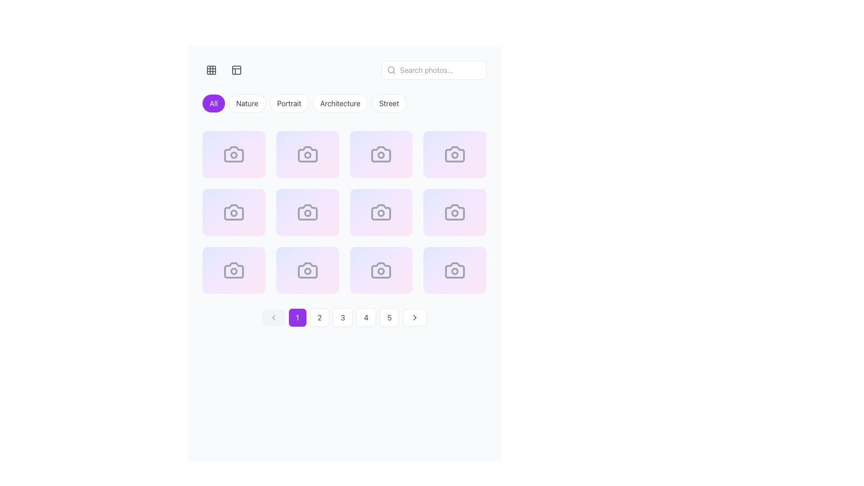 This screenshot has height=486, width=864. What do you see at coordinates (455, 154) in the screenshot?
I see `the camera icon with rounded edges and a circular lens, located in the third column of the second row in the grid layout` at bounding box center [455, 154].